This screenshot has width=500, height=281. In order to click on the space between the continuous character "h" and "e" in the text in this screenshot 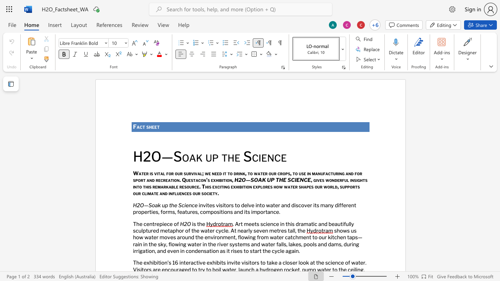, I will do `click(152, 126)`.